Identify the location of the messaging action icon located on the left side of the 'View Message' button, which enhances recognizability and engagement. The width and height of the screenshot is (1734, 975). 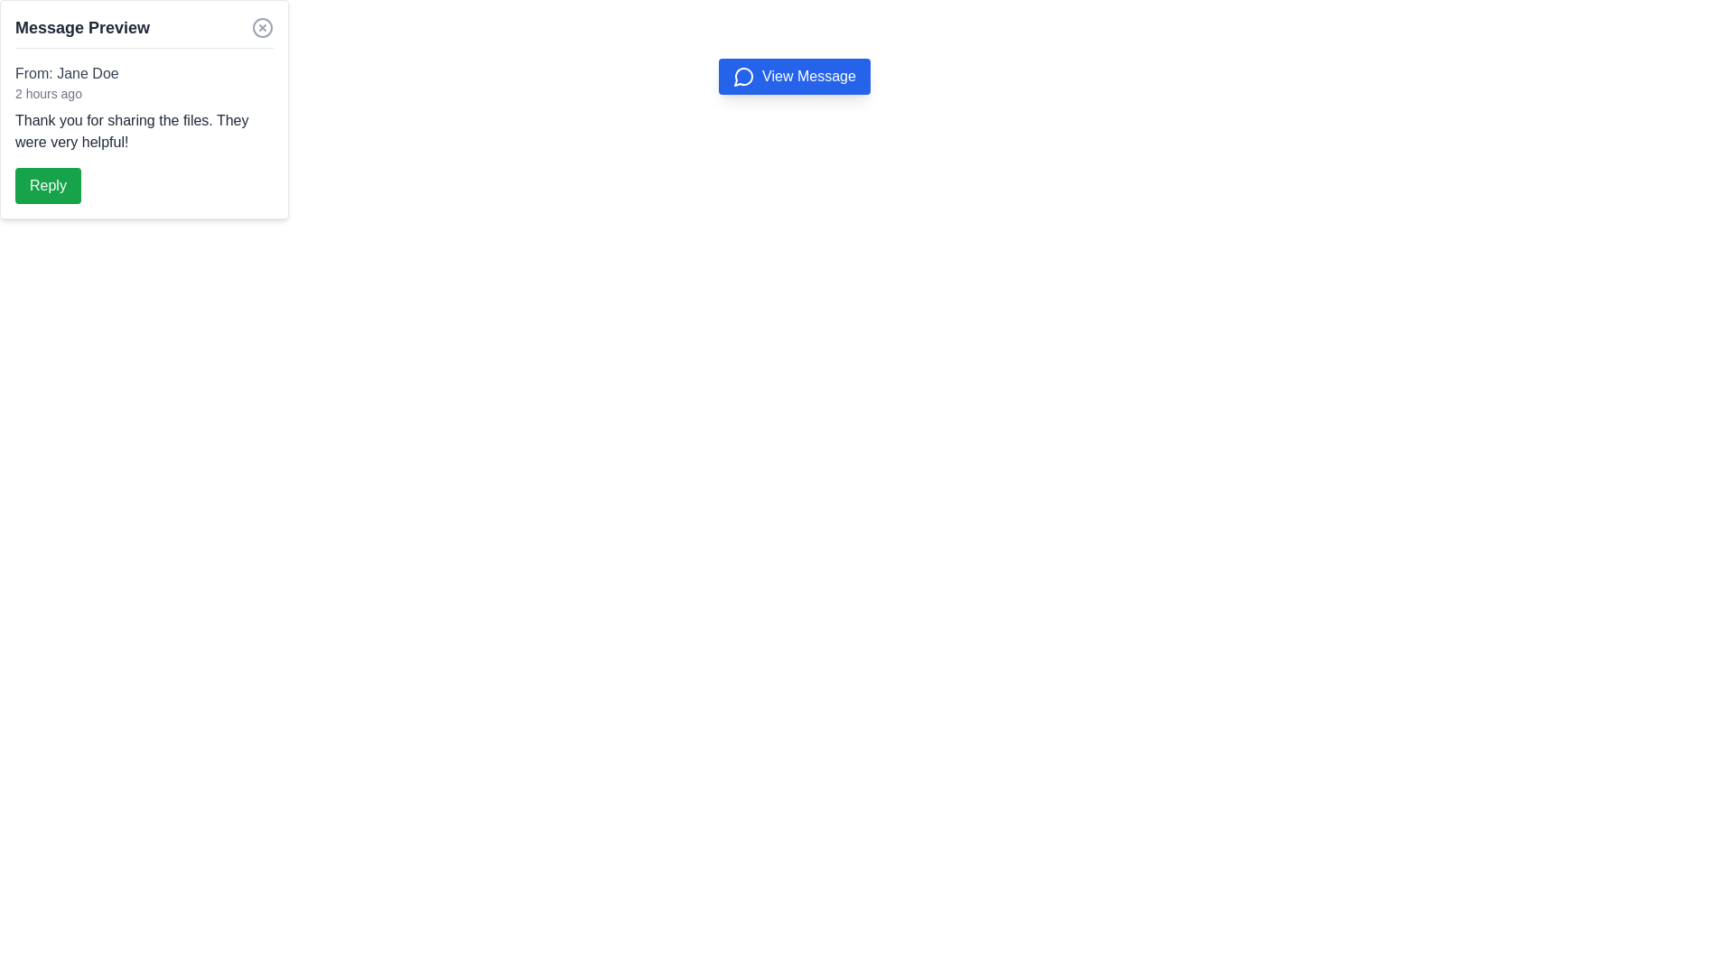
(744, 75).